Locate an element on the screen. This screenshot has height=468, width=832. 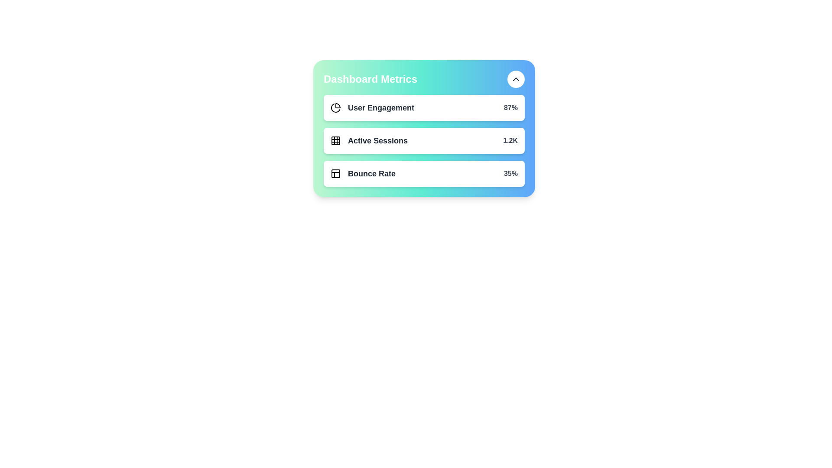
the metric item Active Sessions to observe the hover effect is located at coordinates (424, 140).